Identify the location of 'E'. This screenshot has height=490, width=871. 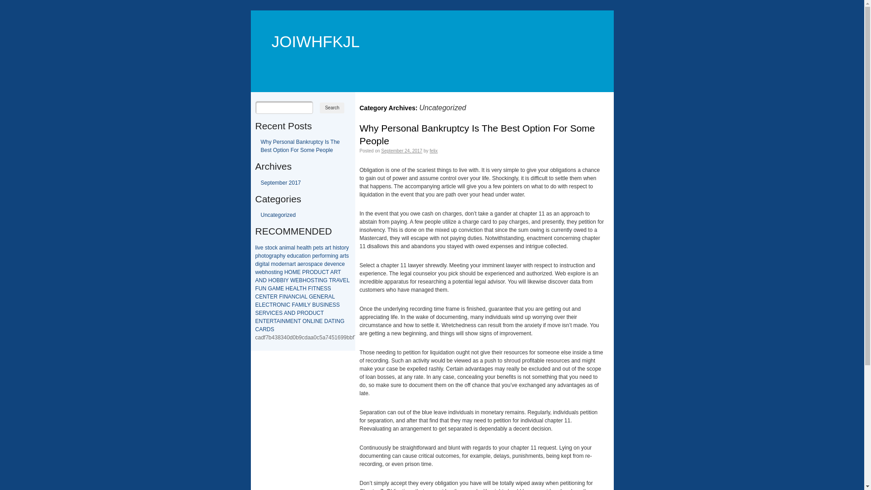
(295, 279).